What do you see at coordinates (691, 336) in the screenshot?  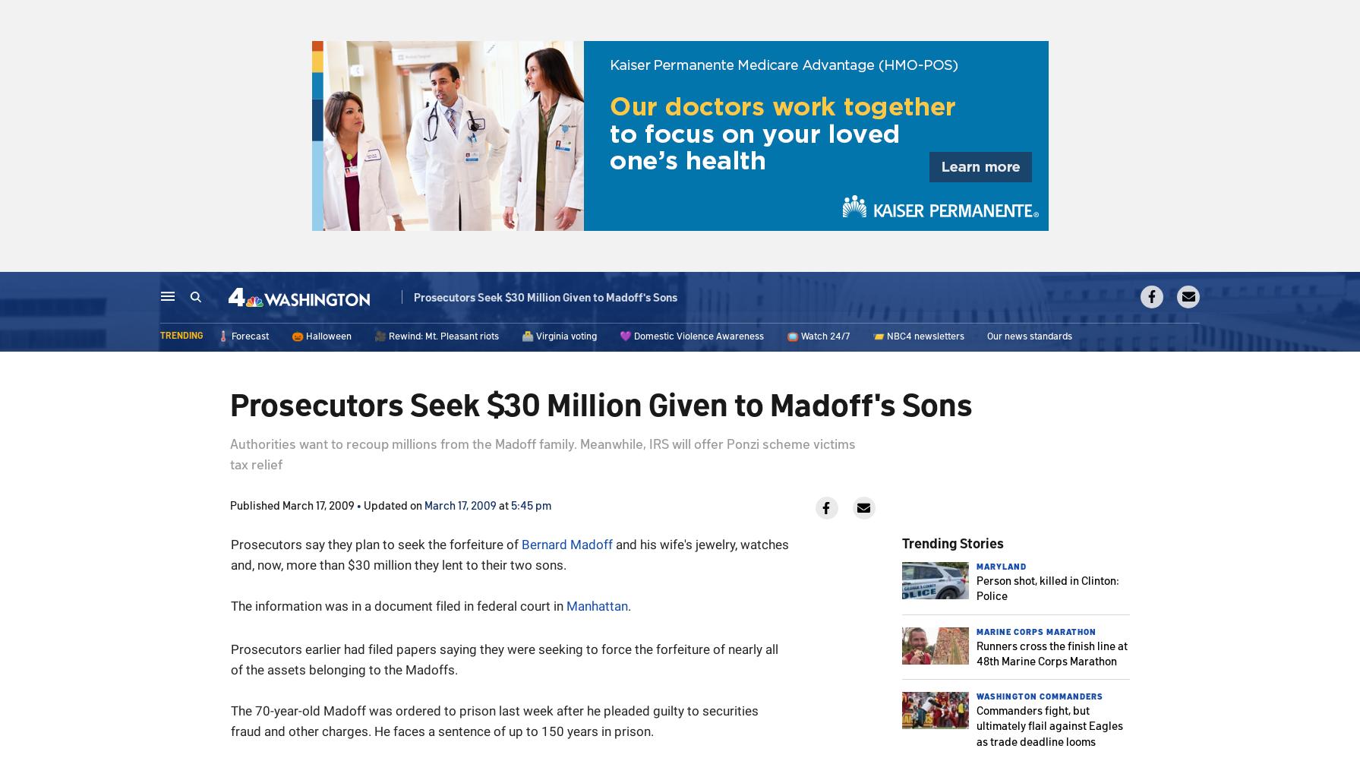 I see `'💜 Domestic Violence Awareness'` at bounding box center [691, 336].